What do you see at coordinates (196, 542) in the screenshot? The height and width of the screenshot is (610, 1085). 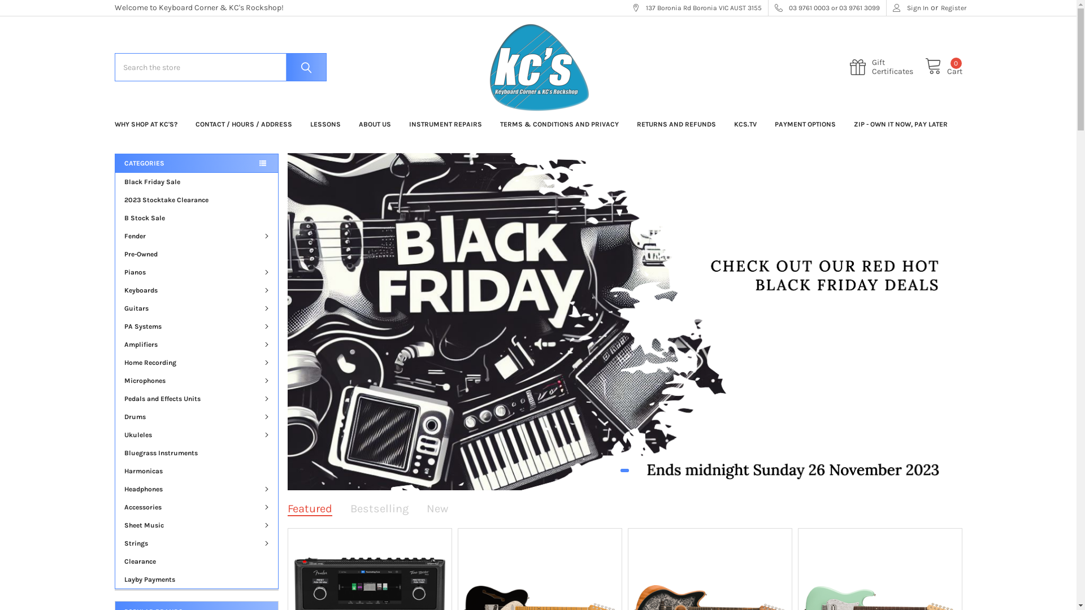 I see `'Strings'` at bounding box center [196, 542].